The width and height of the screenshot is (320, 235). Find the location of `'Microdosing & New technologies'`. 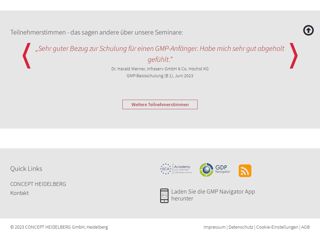

'Microdosing & New technologies' is located at coordinates (42, 211).